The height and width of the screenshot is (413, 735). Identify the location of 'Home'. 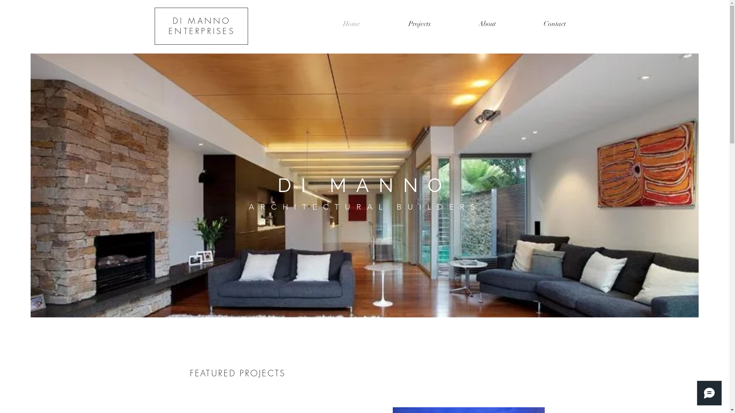
(351, 23).